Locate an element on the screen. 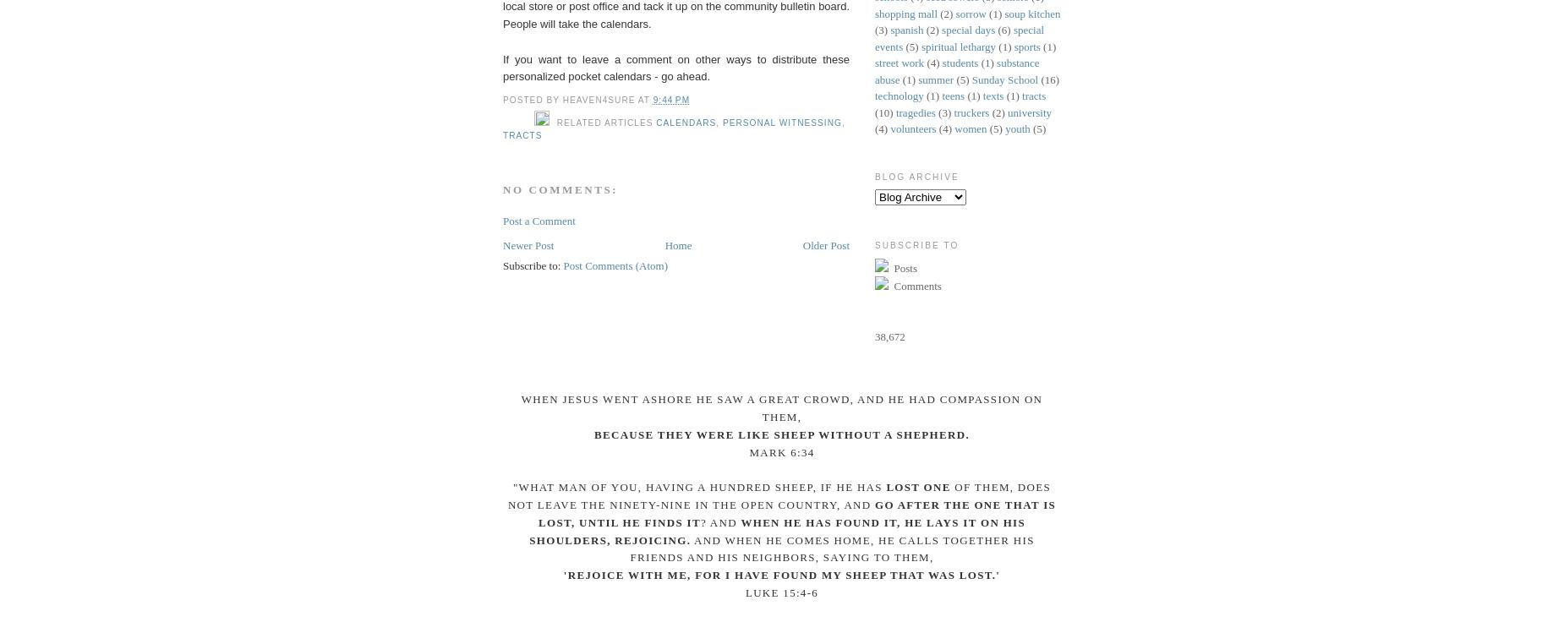 The height and width of the screenshot is (644, 1564). 'truckers' is located at coordinates (971, 111).